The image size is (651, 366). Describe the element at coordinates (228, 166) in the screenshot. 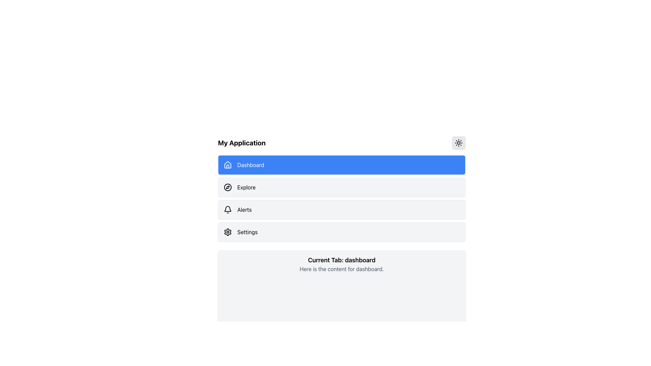

I see `the small vertical rectangular shape representing the door within the house icon in the blue-highlighted 'Dashboard' option` at that location.